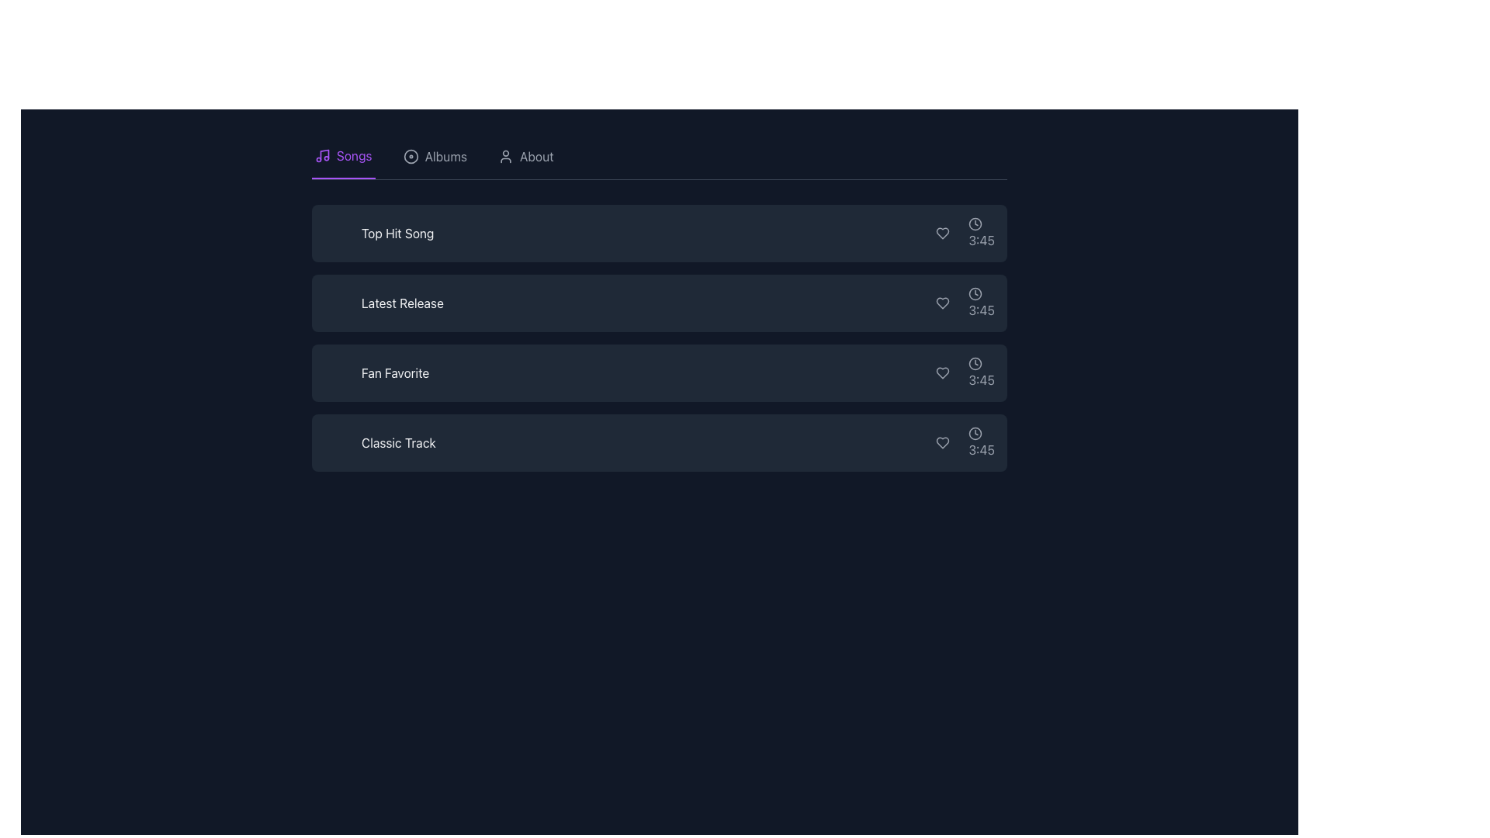 Image resolution: width=1490 pixels, height=838 pixels. I want to click on the 'Songs' tab in the navigation bar, which is the first tab on the far left with a purple underline, to potentially see a tooltip, so click(342, 156).